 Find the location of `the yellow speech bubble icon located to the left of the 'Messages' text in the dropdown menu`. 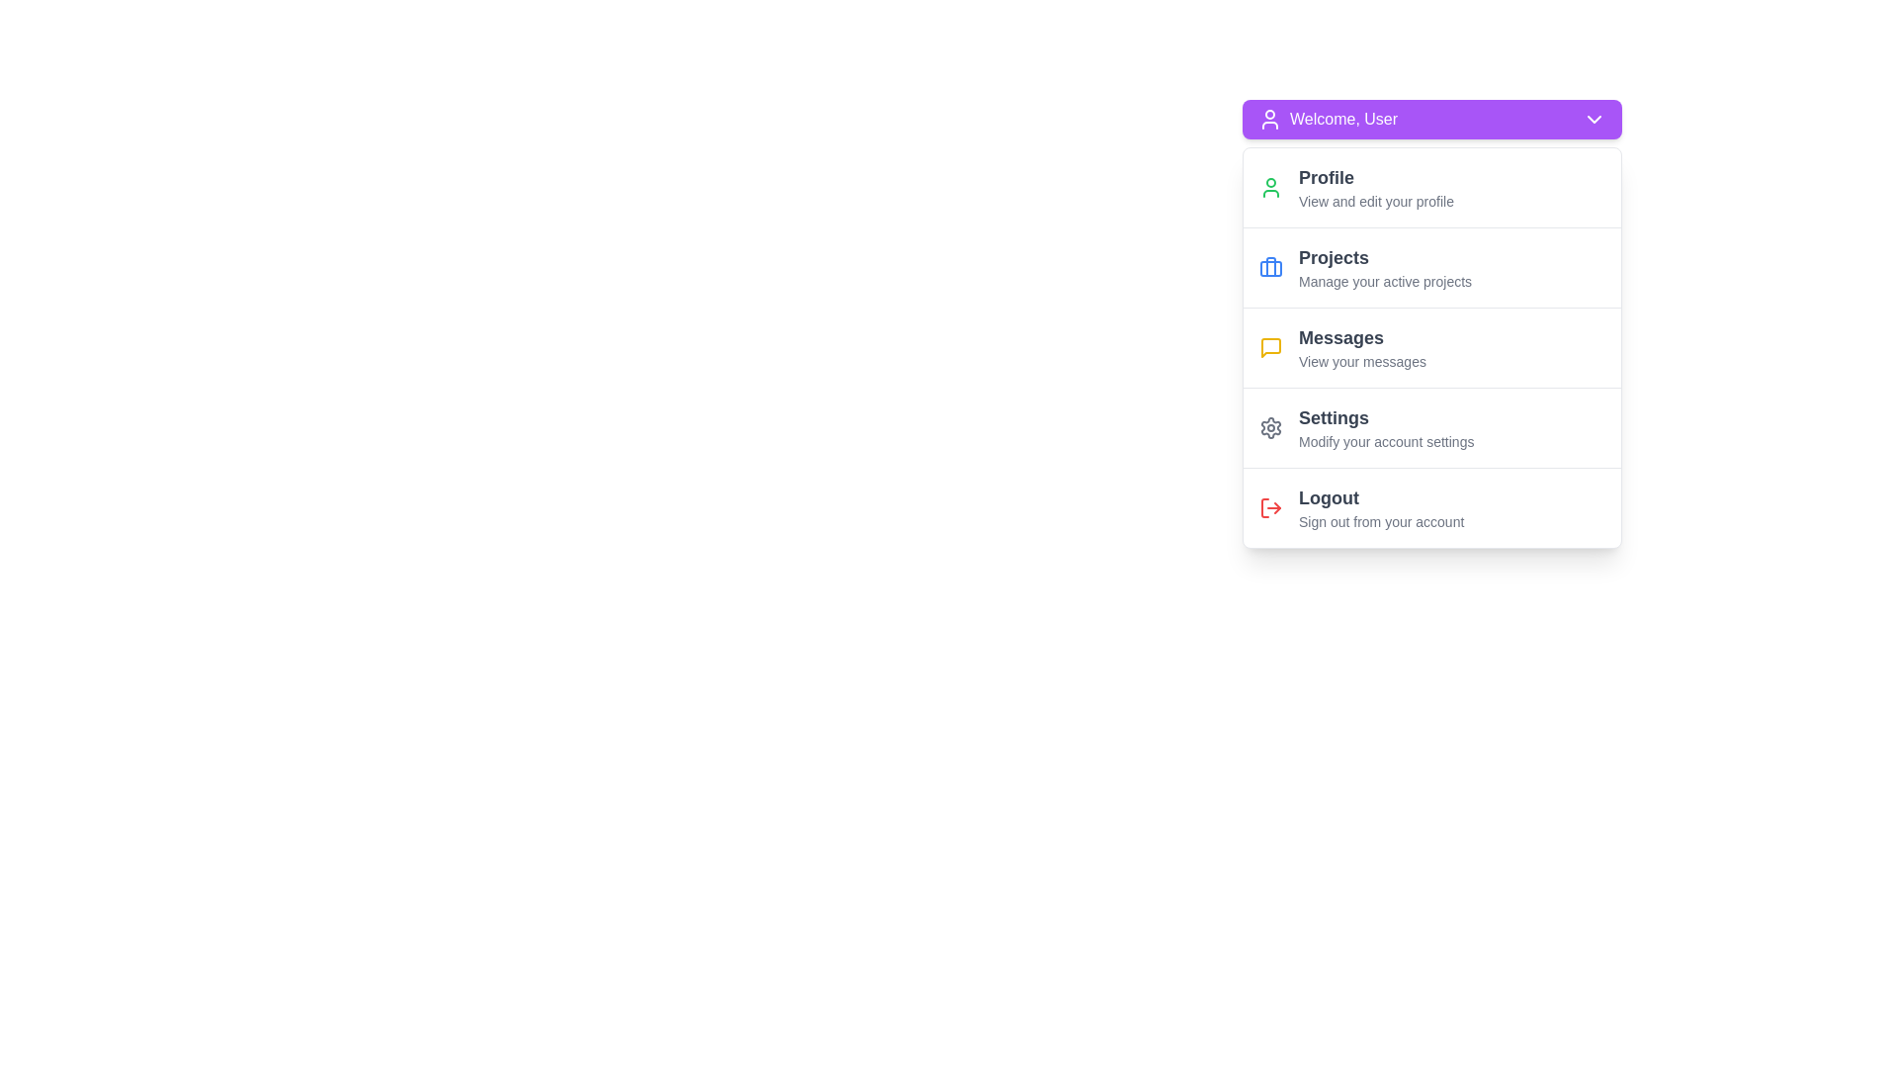

the yellow speech bubble icon located to the left of the 'Messages' text in the dropdown menu is located at coordinates (1271, 346).